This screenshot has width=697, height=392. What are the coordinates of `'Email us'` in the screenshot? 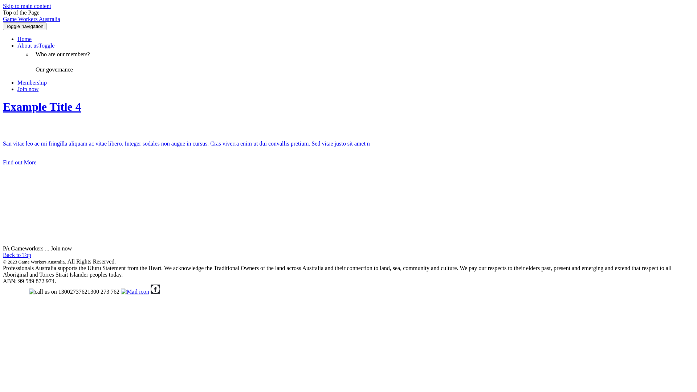 It's located at (135, 291).